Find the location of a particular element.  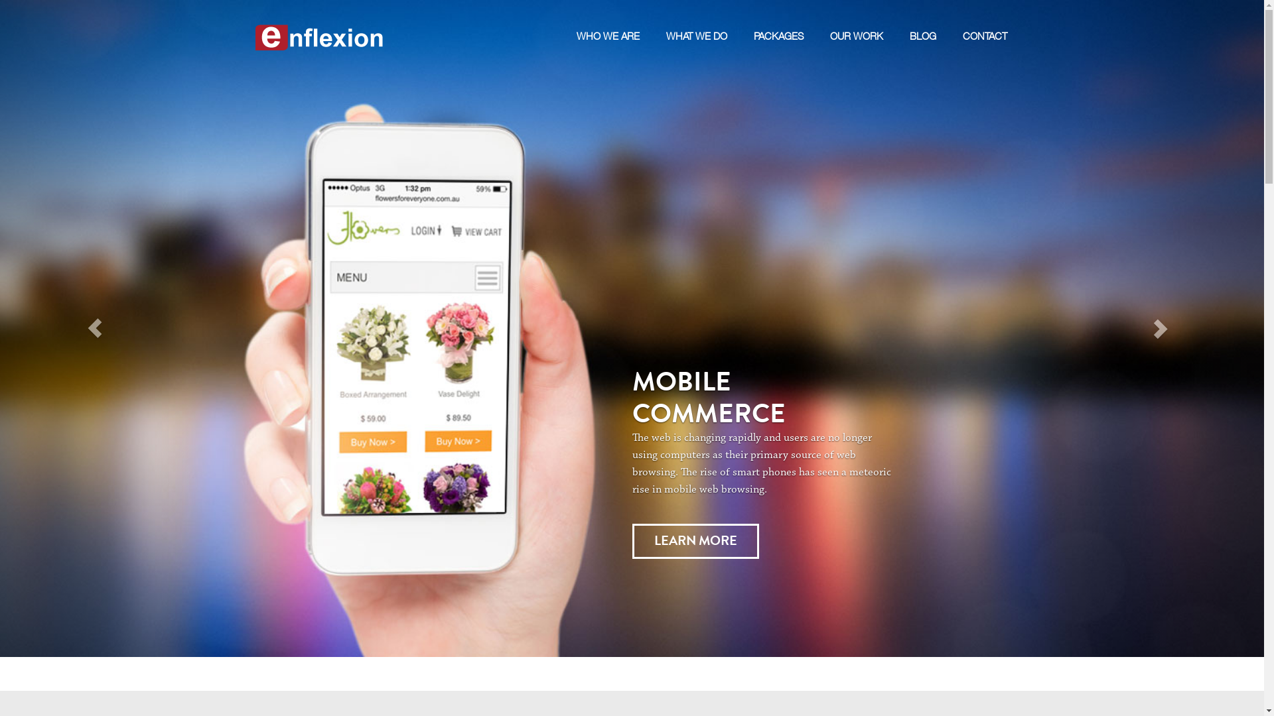

'CONTACT' is located at coordinates (984, 21).